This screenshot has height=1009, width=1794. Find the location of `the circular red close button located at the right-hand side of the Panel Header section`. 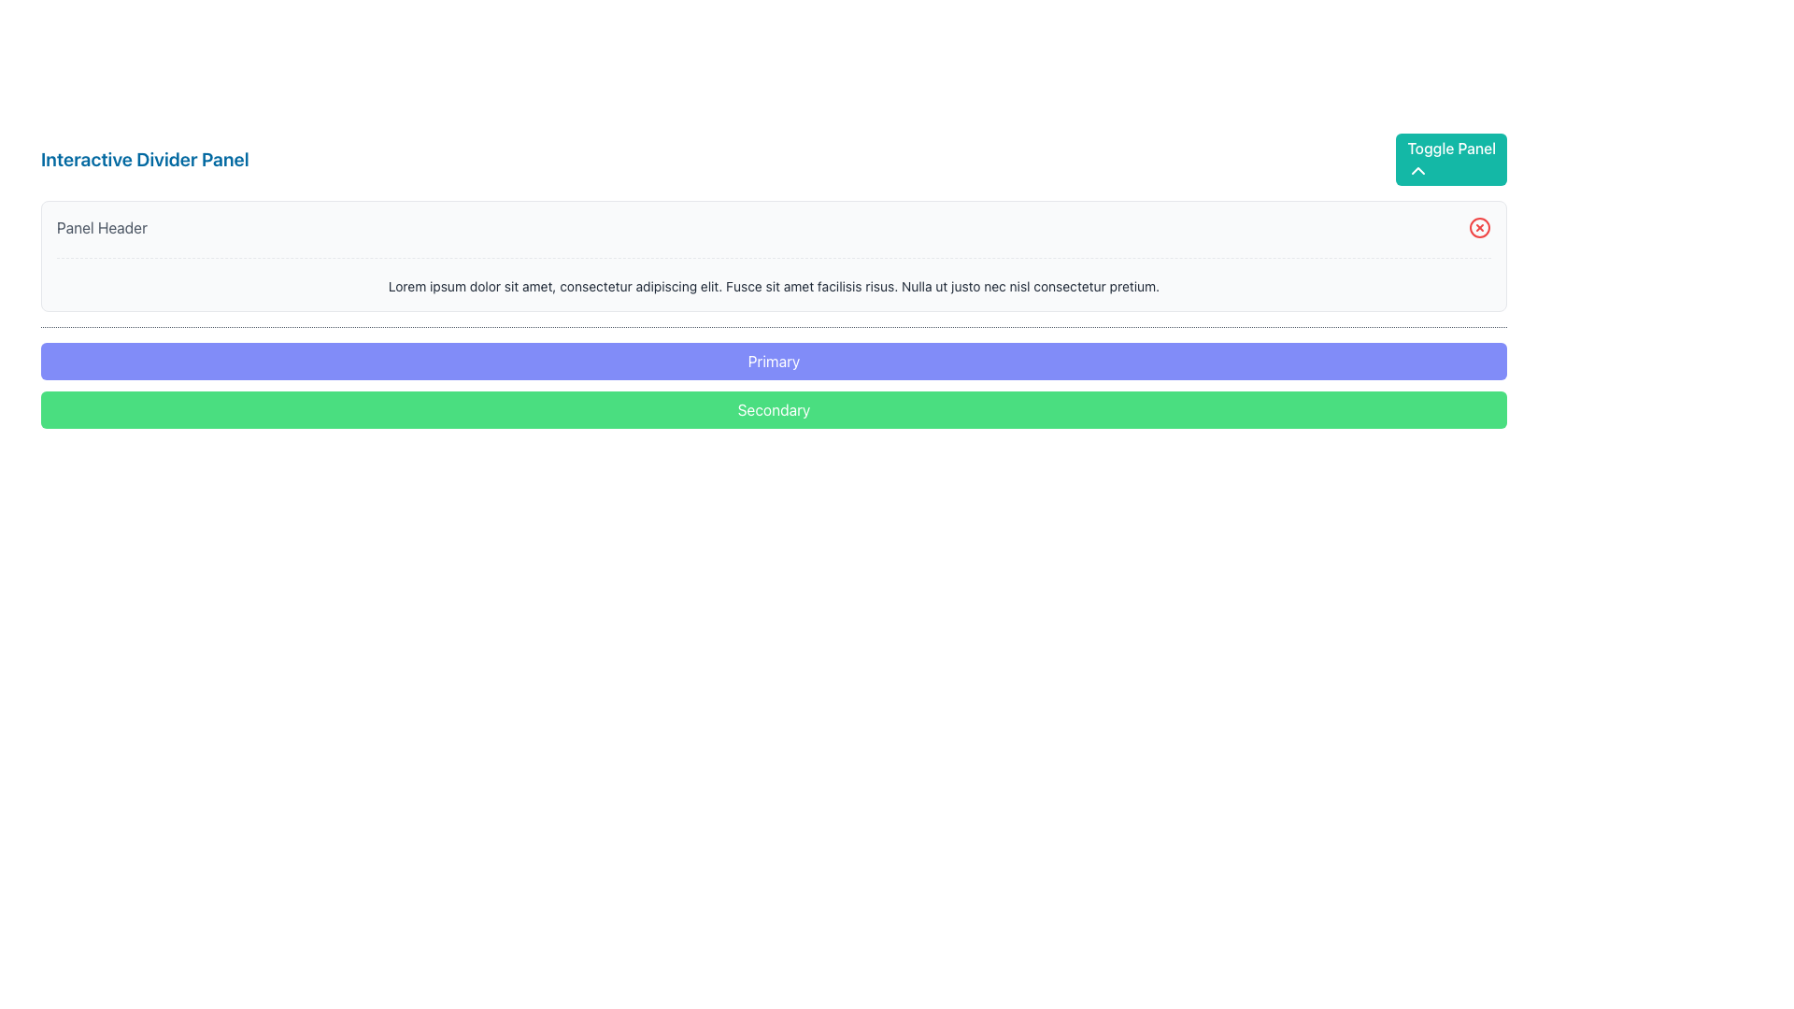

the circular red close button located at the right-hand side of the Panel Header section is located at coordinates (1479, 226).